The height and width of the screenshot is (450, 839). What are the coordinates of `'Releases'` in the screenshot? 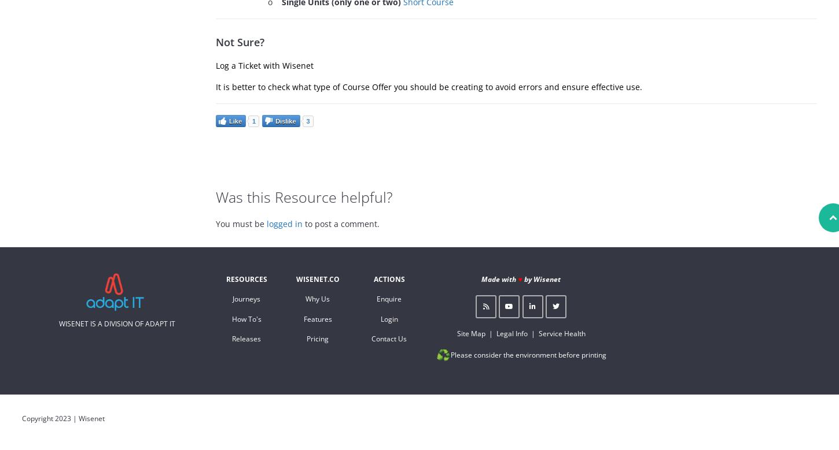 It's located at (231, 337).